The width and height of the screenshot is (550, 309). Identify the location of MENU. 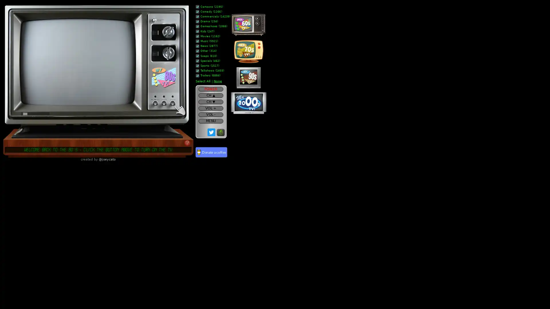
(210, 120).